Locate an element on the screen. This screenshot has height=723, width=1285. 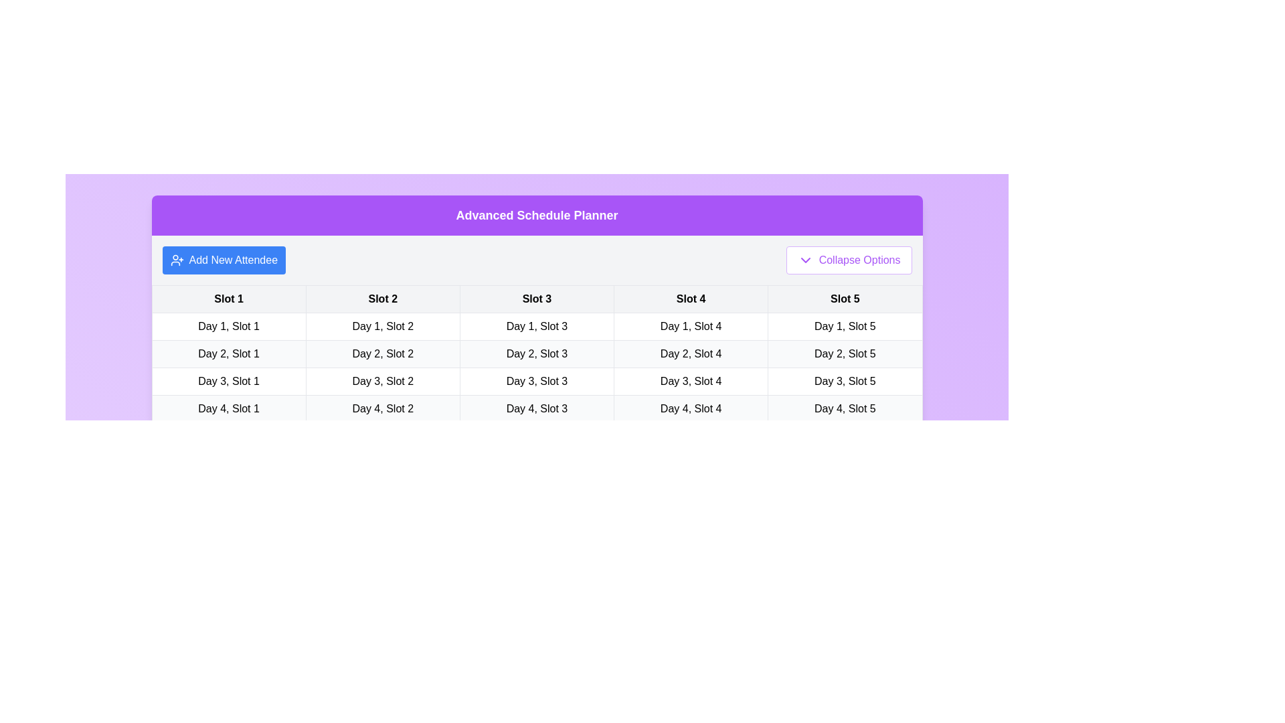
the 'Add New Attendee' button is located at coordinates (224, 260).